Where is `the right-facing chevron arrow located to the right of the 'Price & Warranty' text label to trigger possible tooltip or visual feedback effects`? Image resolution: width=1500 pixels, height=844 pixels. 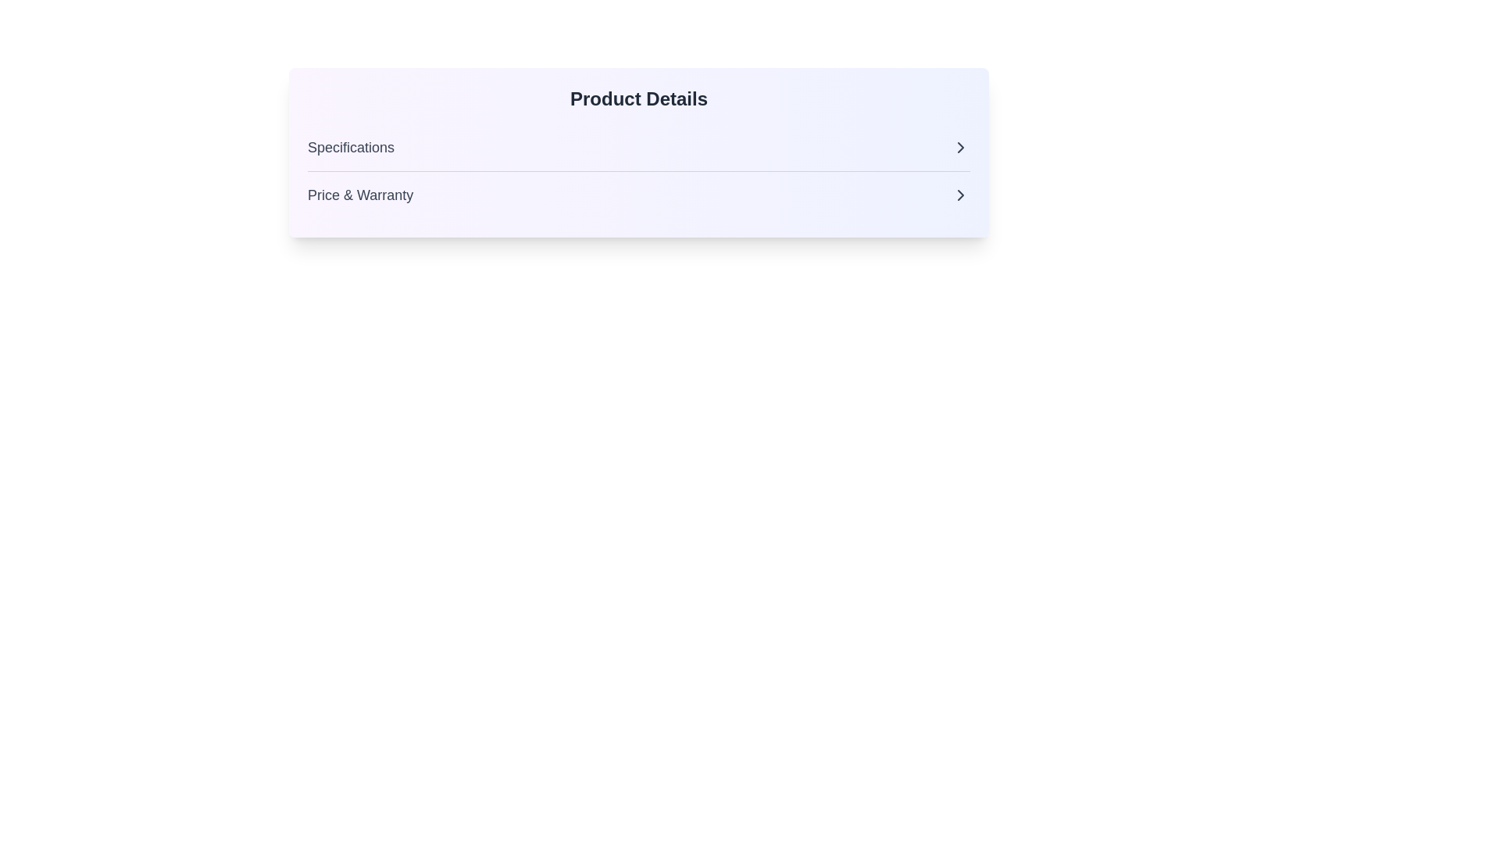 the right-facing chevron arrow located to the right of the 'Price & Warranty' text label to trigger possible tooltip or visual feedback effects is located at coordinates (959, 195).